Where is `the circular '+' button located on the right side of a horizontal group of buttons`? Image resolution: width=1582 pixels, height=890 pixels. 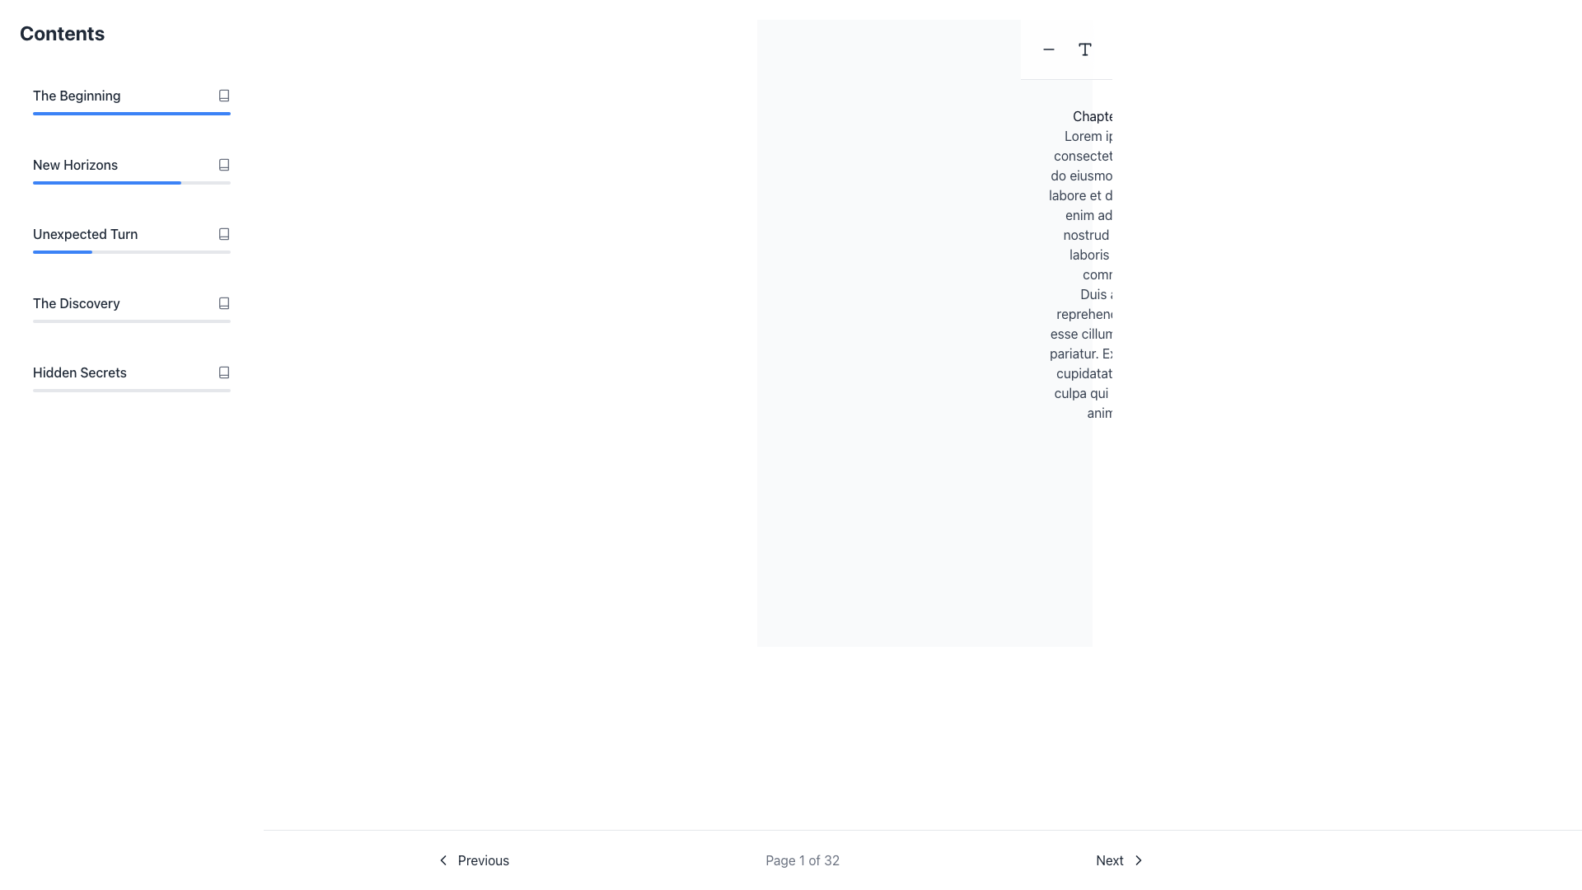
the circular '+' button located on the right side of a horizontal group of buttons is located at coordinates (1121, 49).